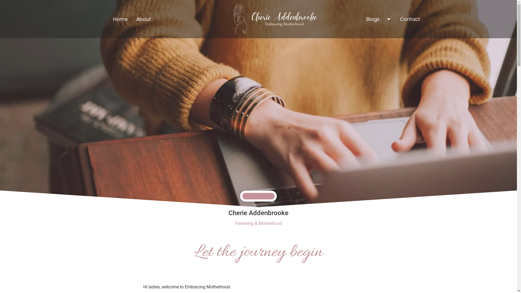  Describe the element at coordinates (120, 18) in the screenshot. I see `'Home'` at that location.